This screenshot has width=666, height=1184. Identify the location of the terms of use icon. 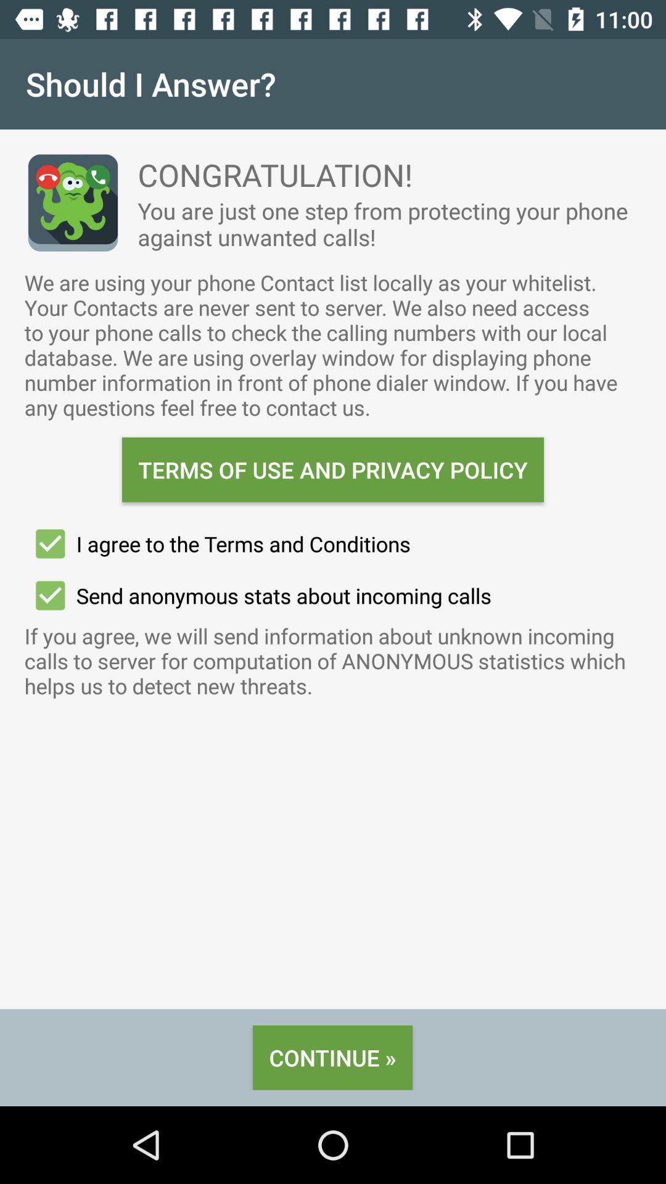
(333, 469).